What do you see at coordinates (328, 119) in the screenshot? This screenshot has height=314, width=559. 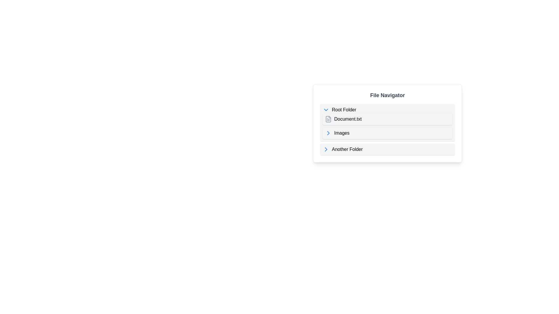 I see `the file icon representing 'Document.txt' in the 'File Navigator' interface` at bounding box center [328, 119].